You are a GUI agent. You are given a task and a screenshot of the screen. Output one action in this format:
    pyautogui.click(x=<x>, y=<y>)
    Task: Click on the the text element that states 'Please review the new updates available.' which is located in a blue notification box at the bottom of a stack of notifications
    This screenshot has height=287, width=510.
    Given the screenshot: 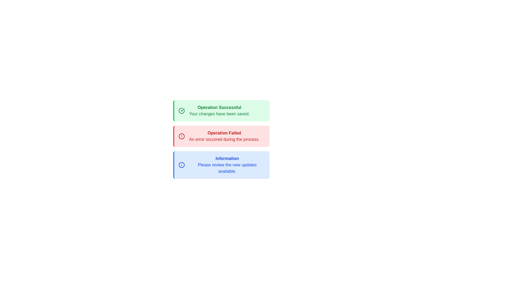 What is the action you would take?
    pyautogui.click(x=227, y=168)
    